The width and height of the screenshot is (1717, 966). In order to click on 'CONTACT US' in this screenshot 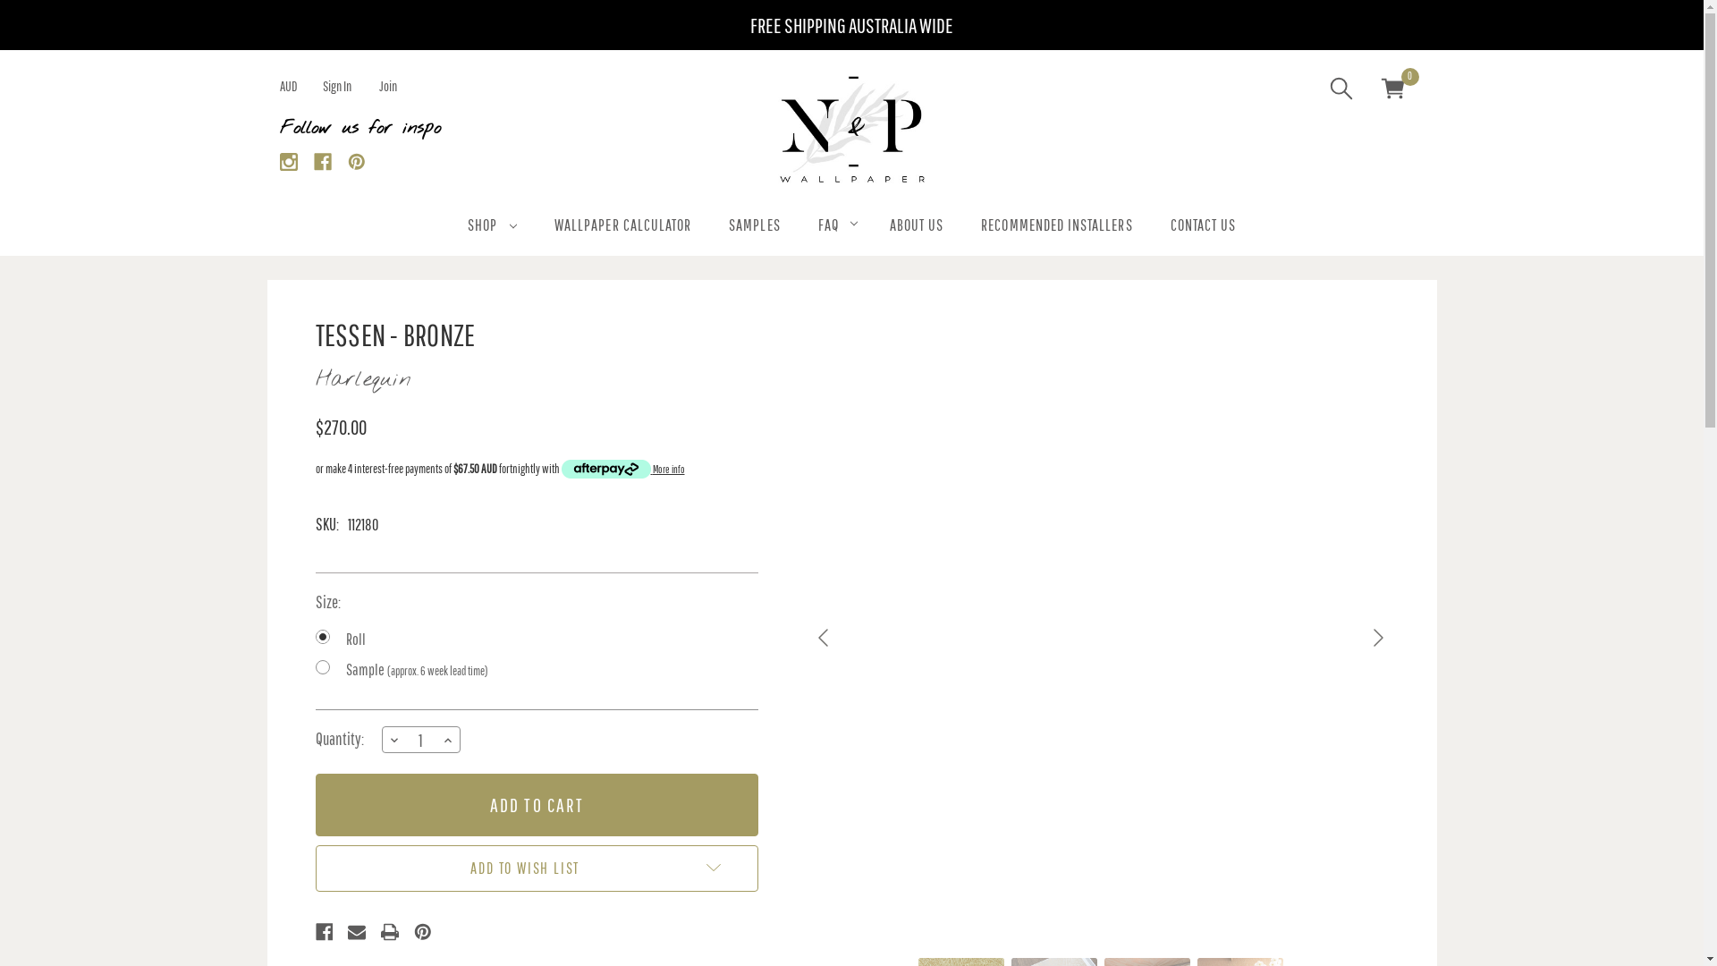, I will do `click(1203, 226)`.